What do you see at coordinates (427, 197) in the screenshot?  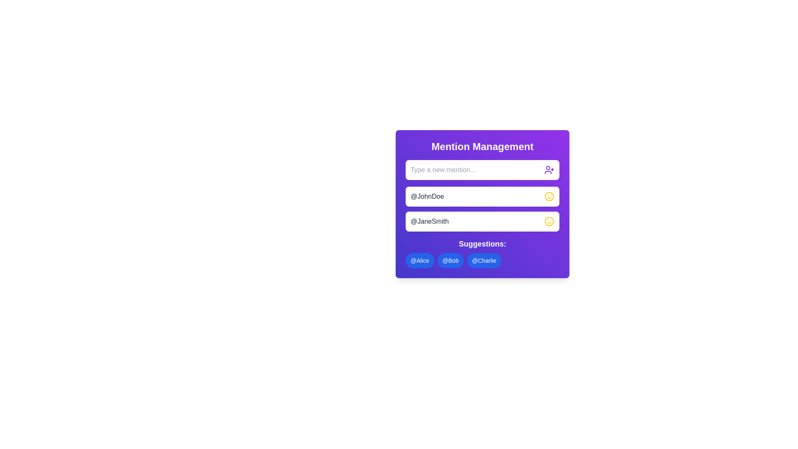 I see `the user mention text in the first entry of the vertically-stacked list of user mentions, located below the 'Mention Management' title bar` at bounding box center [427, 197].